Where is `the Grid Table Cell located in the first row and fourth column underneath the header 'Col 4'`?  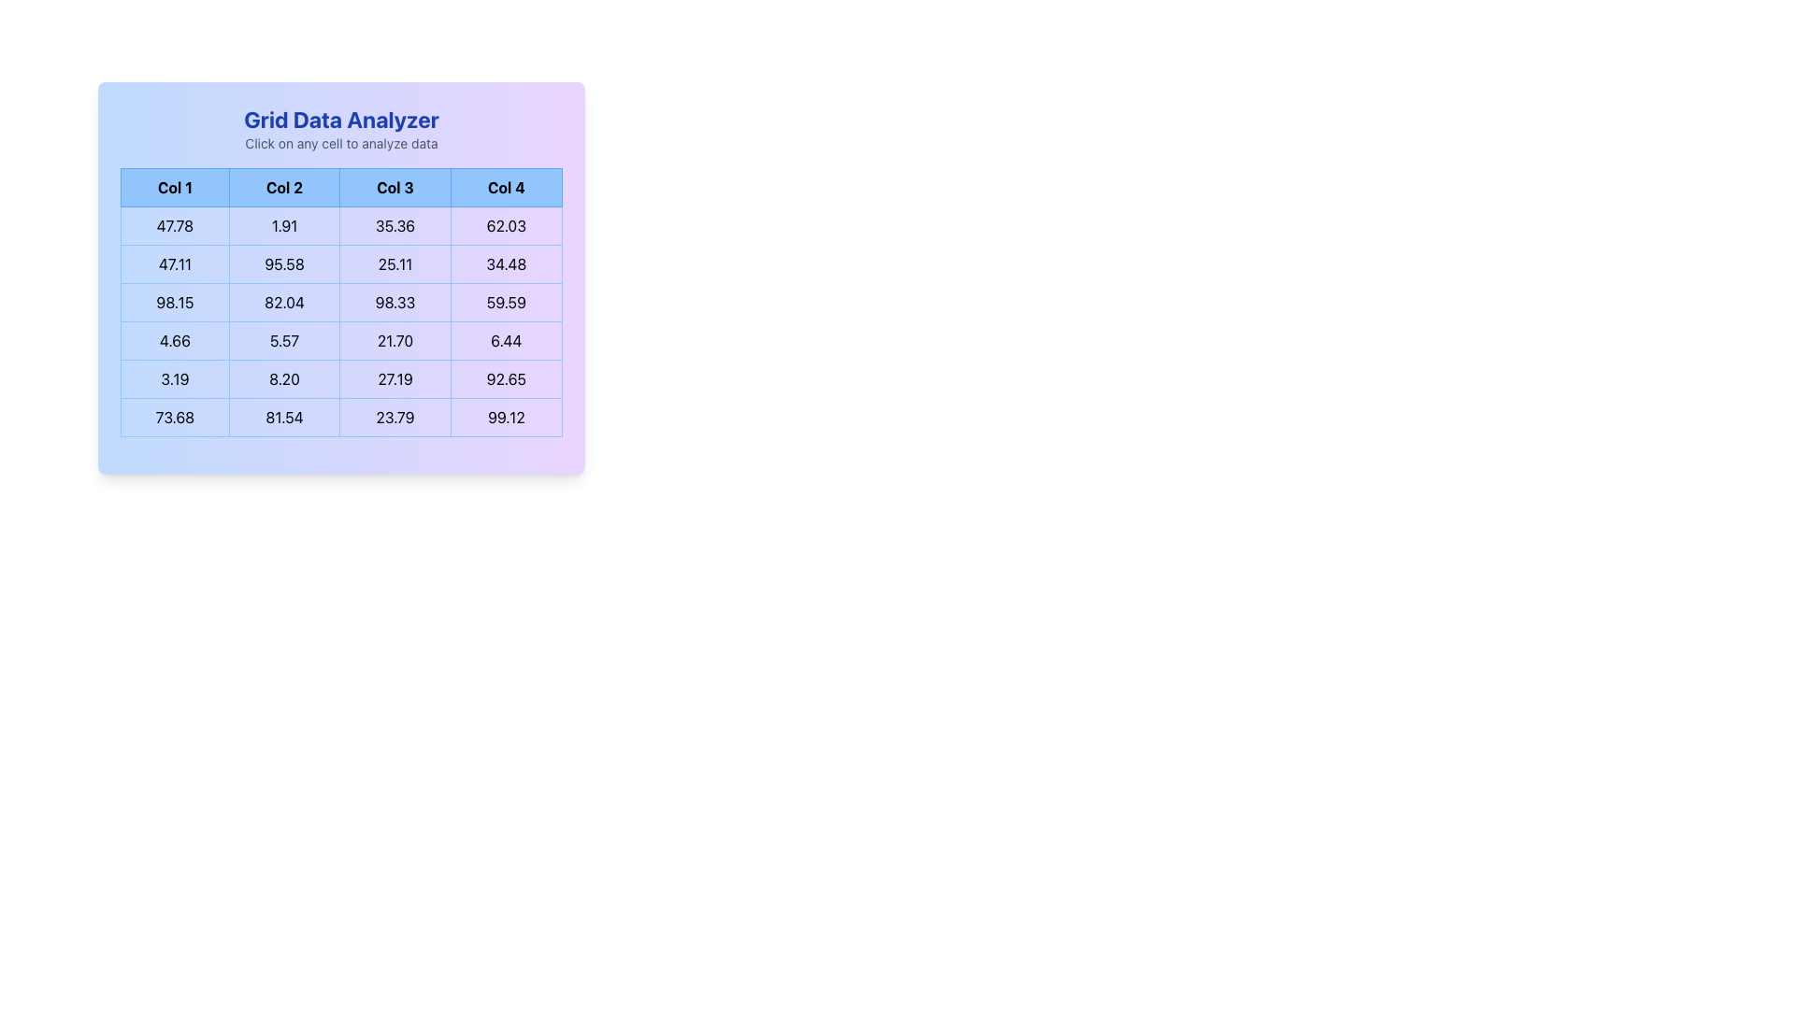 the Grid Table Cell located in the first row and fourth column underneath the header 'Col 4' is located at coordinates (506, 225).